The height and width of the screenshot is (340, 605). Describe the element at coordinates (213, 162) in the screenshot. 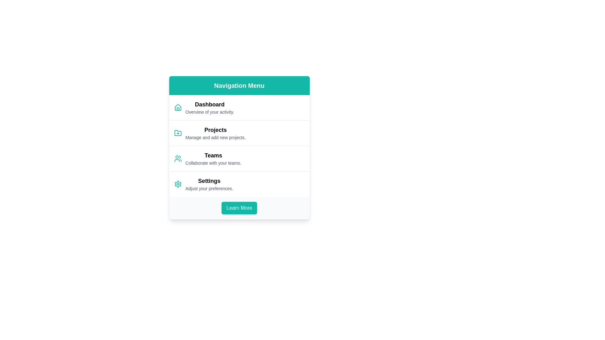

I see `the static text element that provides additional contextual information about the 'Teams' section in the navigation menu, located centrally in the third section under the title 'Teams'` at that location.